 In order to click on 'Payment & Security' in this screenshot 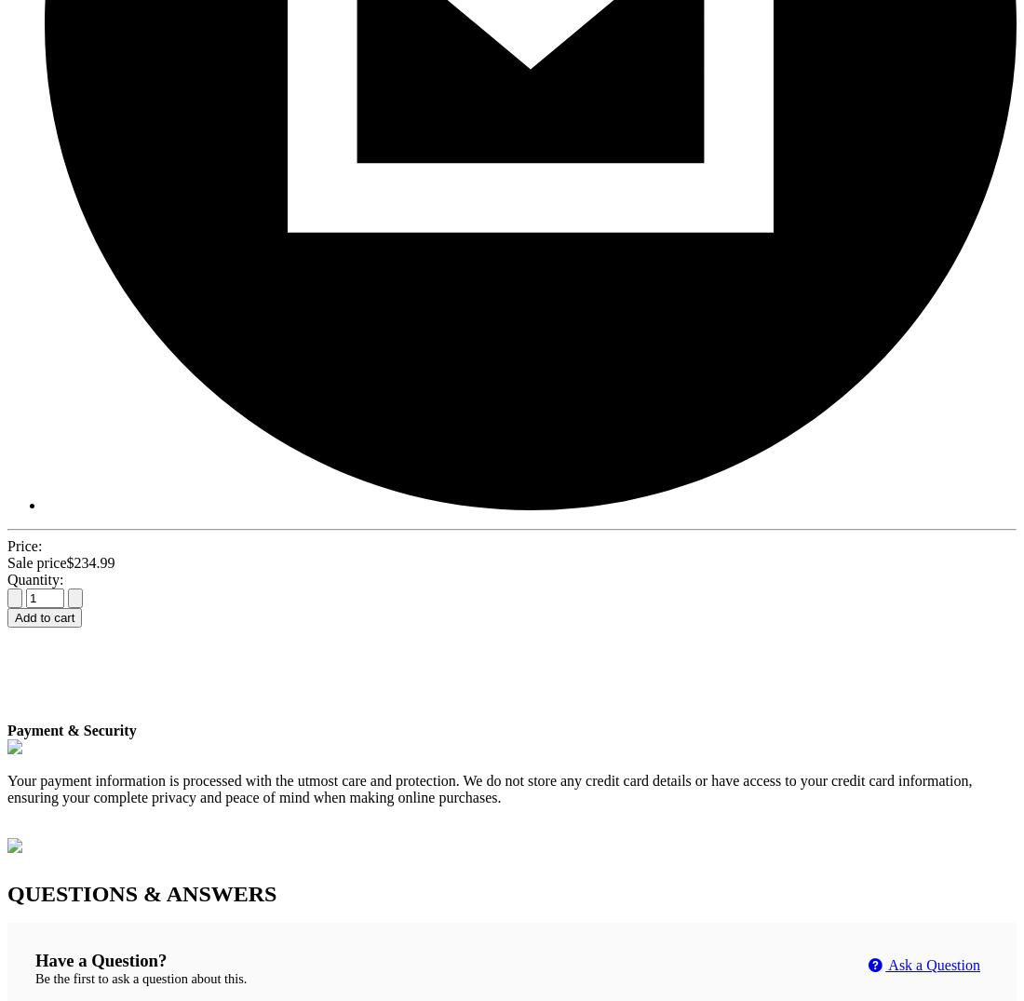, I will do `click(72, 729)`.